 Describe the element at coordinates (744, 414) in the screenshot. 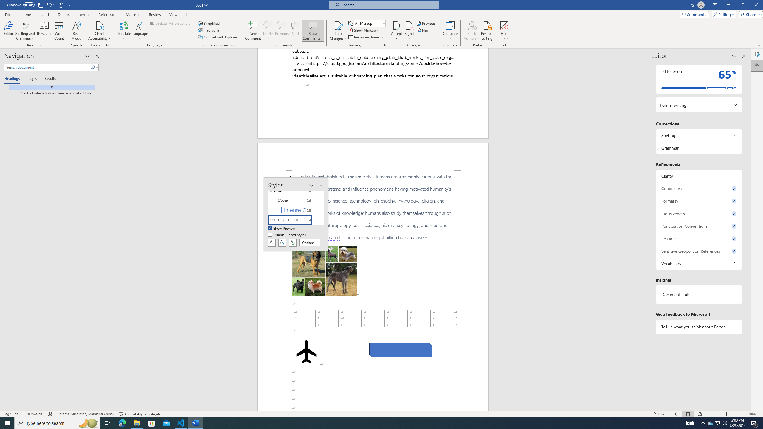

I see `'Zoom In'` at that location.